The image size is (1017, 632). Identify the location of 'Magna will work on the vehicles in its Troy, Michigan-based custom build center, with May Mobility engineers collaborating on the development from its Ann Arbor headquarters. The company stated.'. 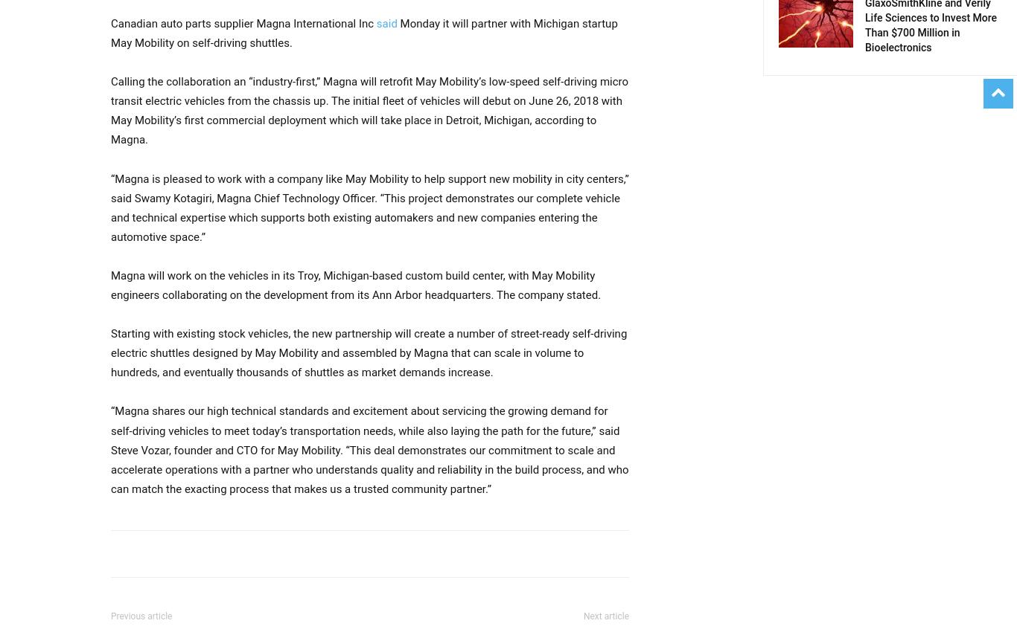
(355, 284).